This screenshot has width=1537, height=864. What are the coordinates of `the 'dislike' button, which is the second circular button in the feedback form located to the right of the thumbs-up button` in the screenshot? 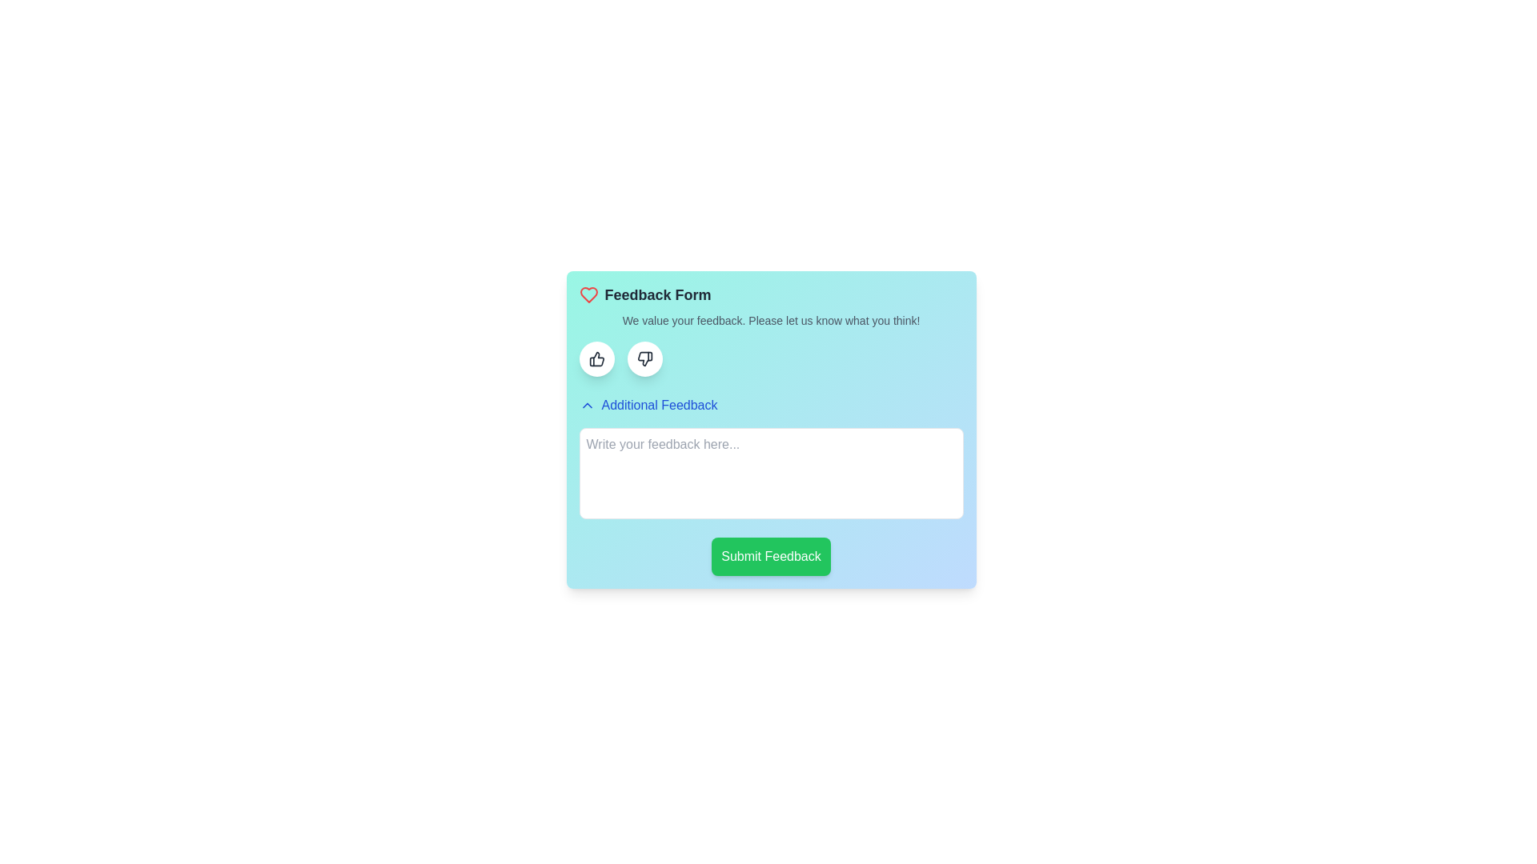 It's located at (644, 358).